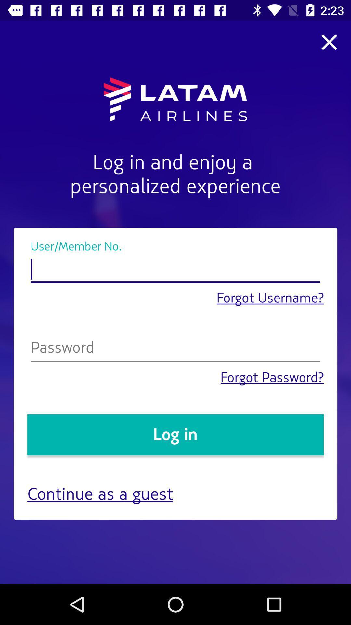 Image resolution: width=351 pixels, height=625 pixels. I want to click on type your password, so click(175, 349).